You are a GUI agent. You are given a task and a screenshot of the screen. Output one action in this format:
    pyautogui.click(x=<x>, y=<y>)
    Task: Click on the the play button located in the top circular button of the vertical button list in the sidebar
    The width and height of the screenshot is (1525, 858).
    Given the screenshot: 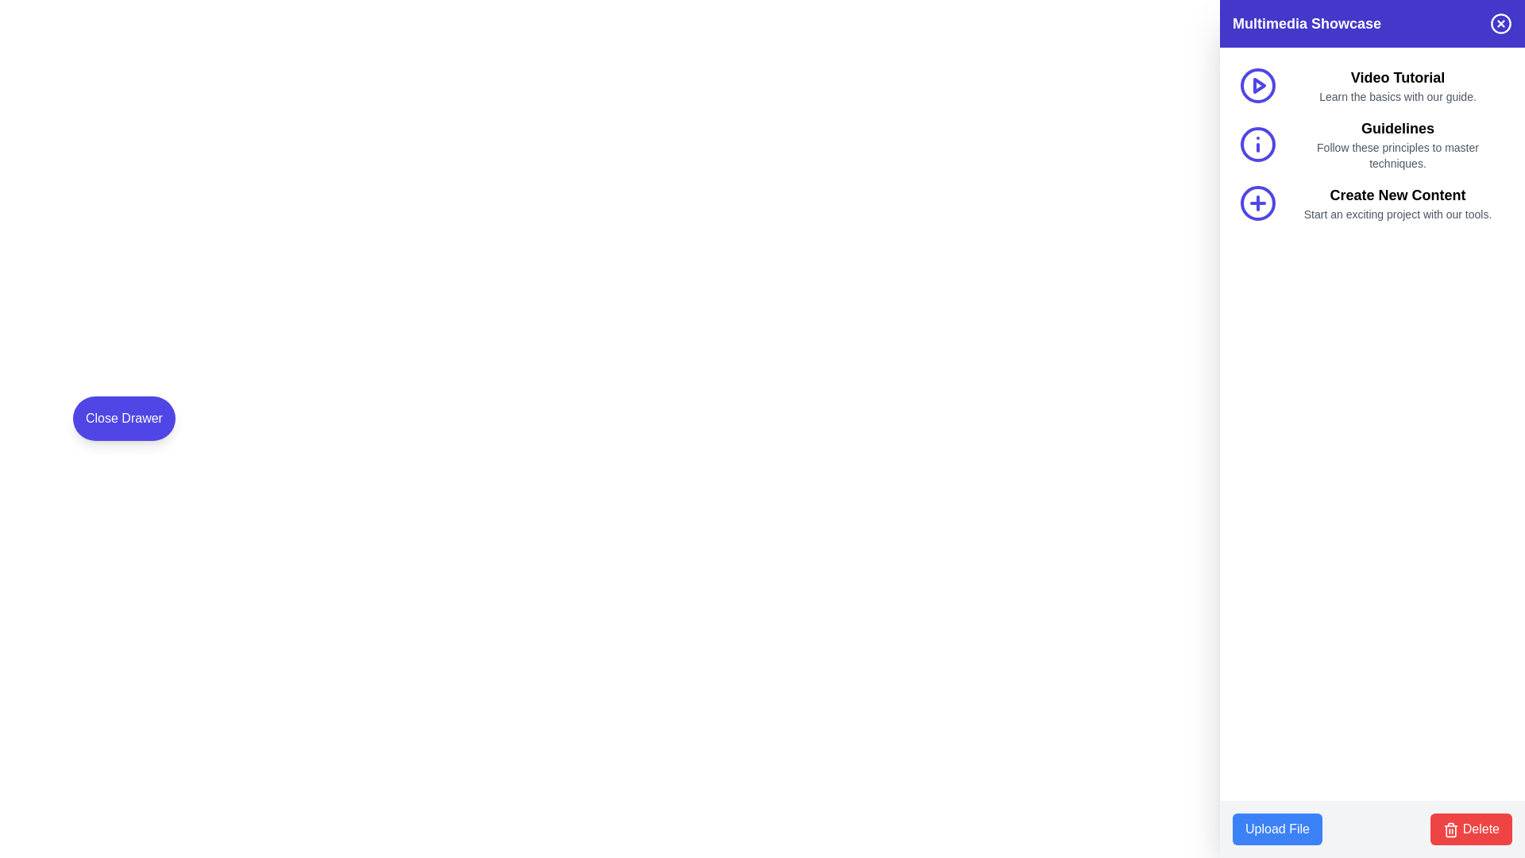 What is the action you would take?
    pyautogui.click(x=1258, y=86)
    